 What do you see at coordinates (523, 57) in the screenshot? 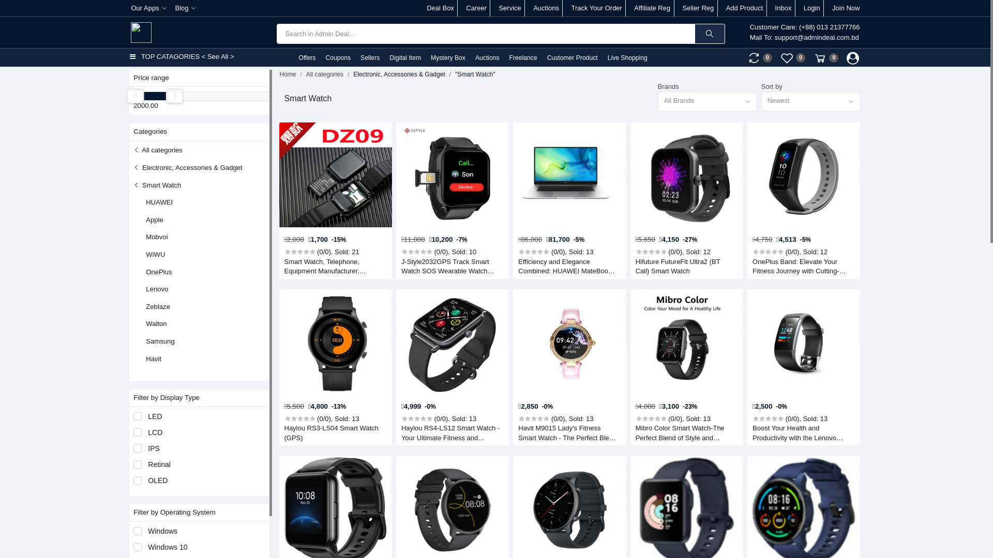
I see `'Freelance'` at bounding box center [523, 57].